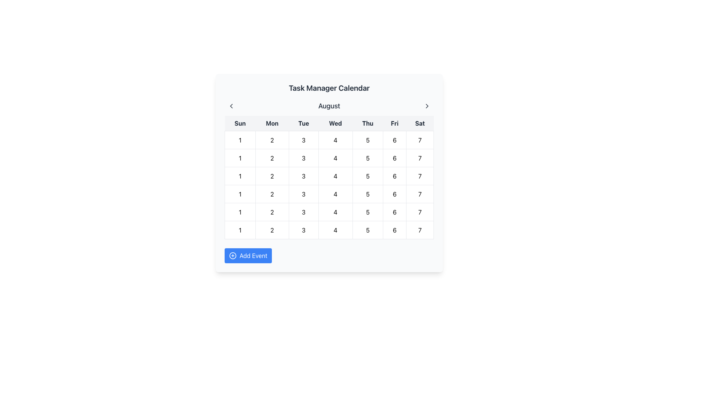 The image size is (720, 405). I want to click on the grid cell element displaying the number '7' in the sixth row and seventh column of the calendar layout, which is aligned with the 'Sat' column, so click(420, 229).